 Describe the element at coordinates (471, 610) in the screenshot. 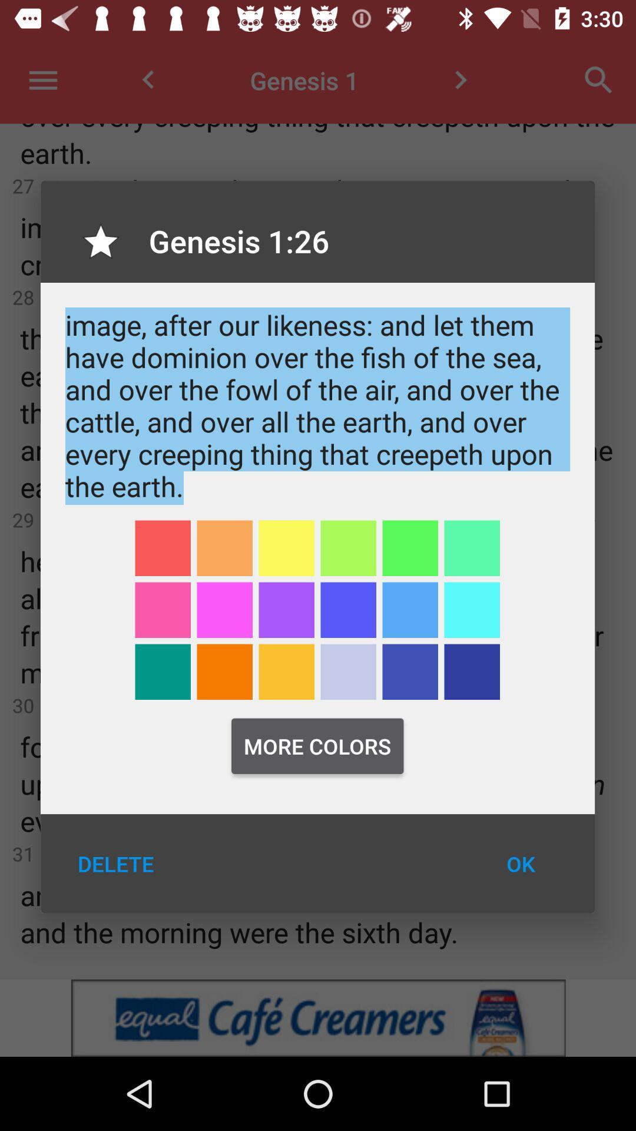

I see `color selection` at that location.